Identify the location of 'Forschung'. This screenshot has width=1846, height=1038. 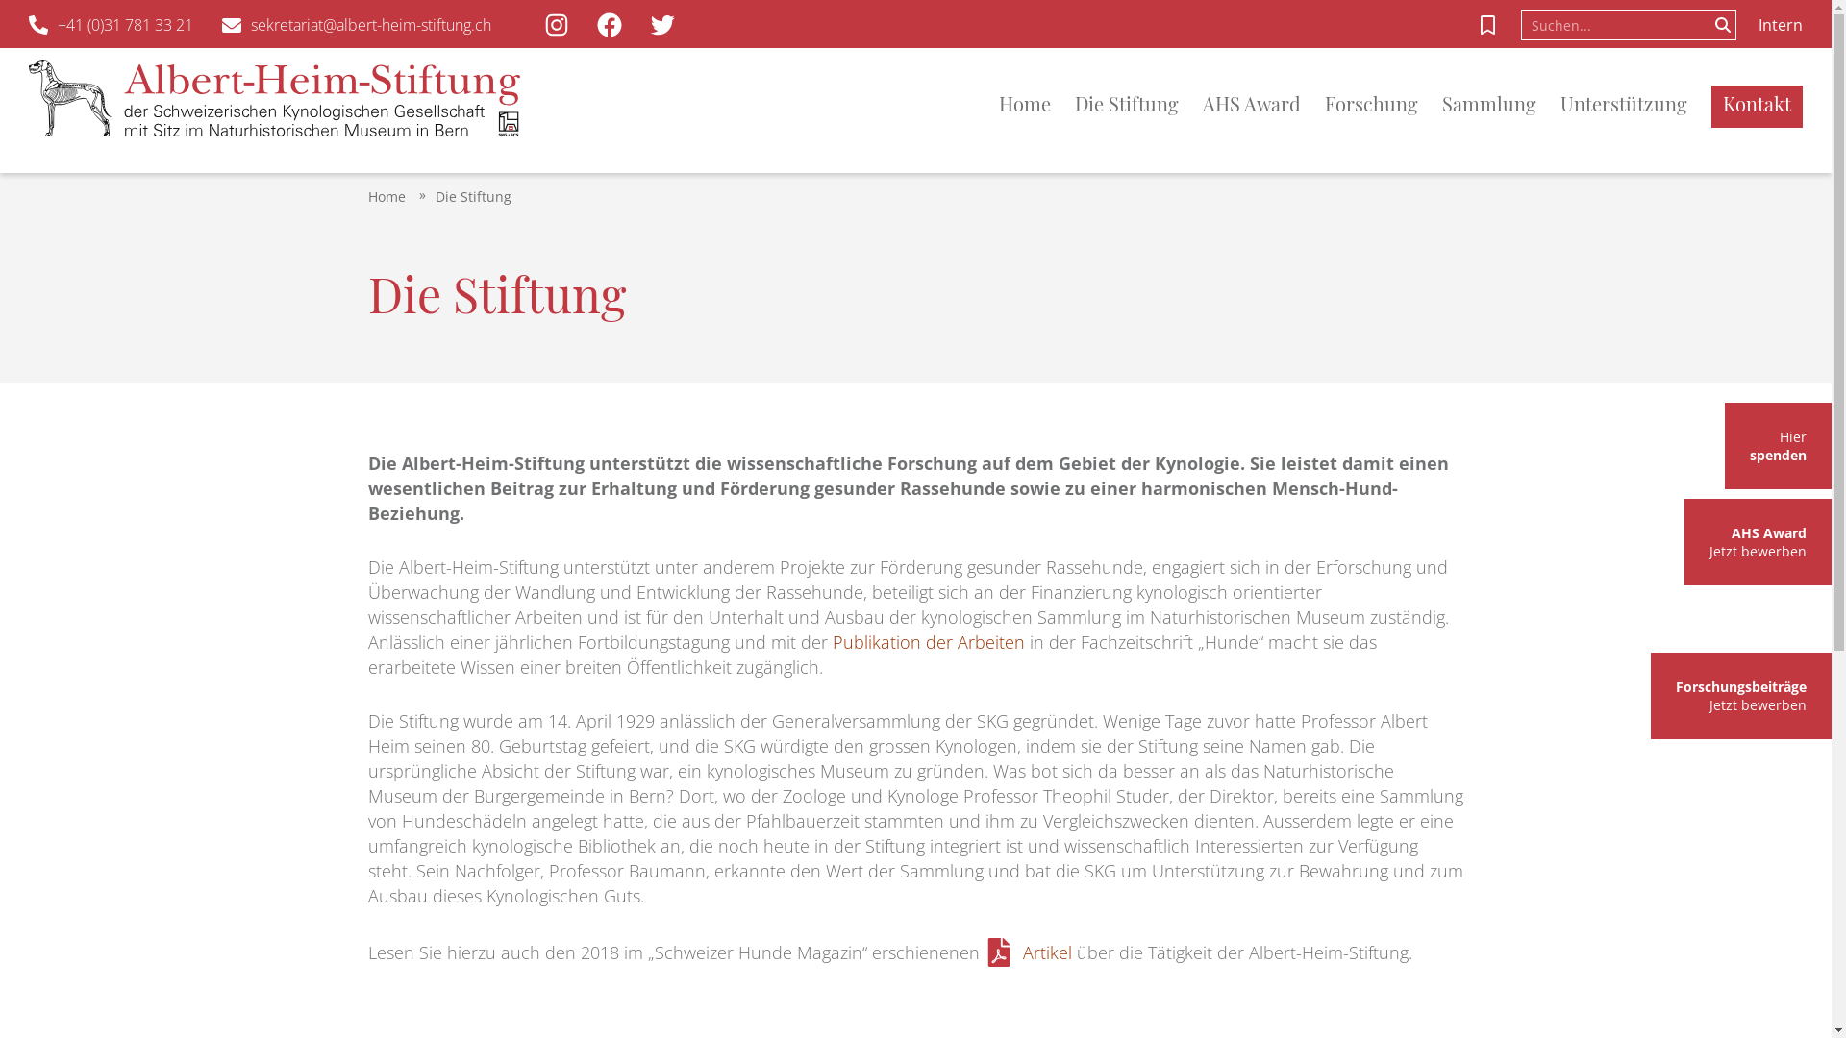
(1383, 106).